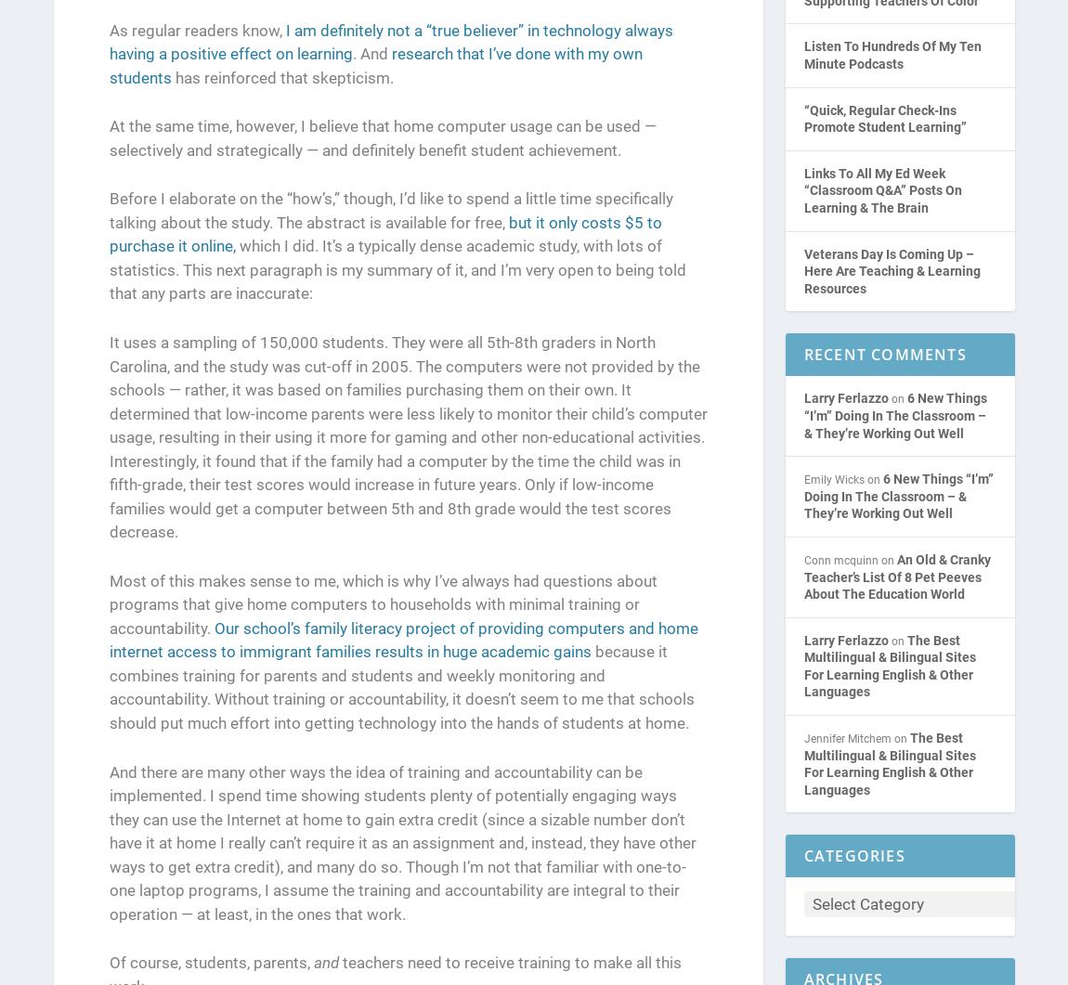 Image resolution: width=1068 pixels, height=985 pixels. What do you see at coordinates (390, 42) in the screenshot?
I see `'I am definitely not a “true believer” in technology always having a positive effect on learning'` at bounding box center [390, 42].